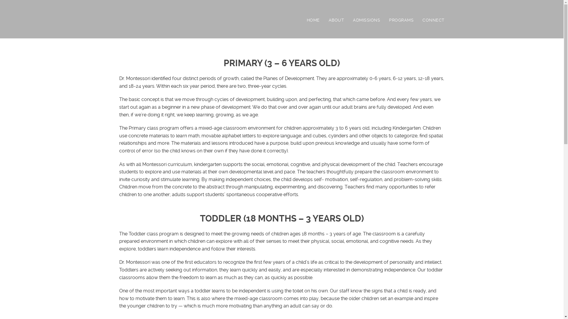 The image size is (568, 319). I want to click on 'HOME', so click(317, 20).